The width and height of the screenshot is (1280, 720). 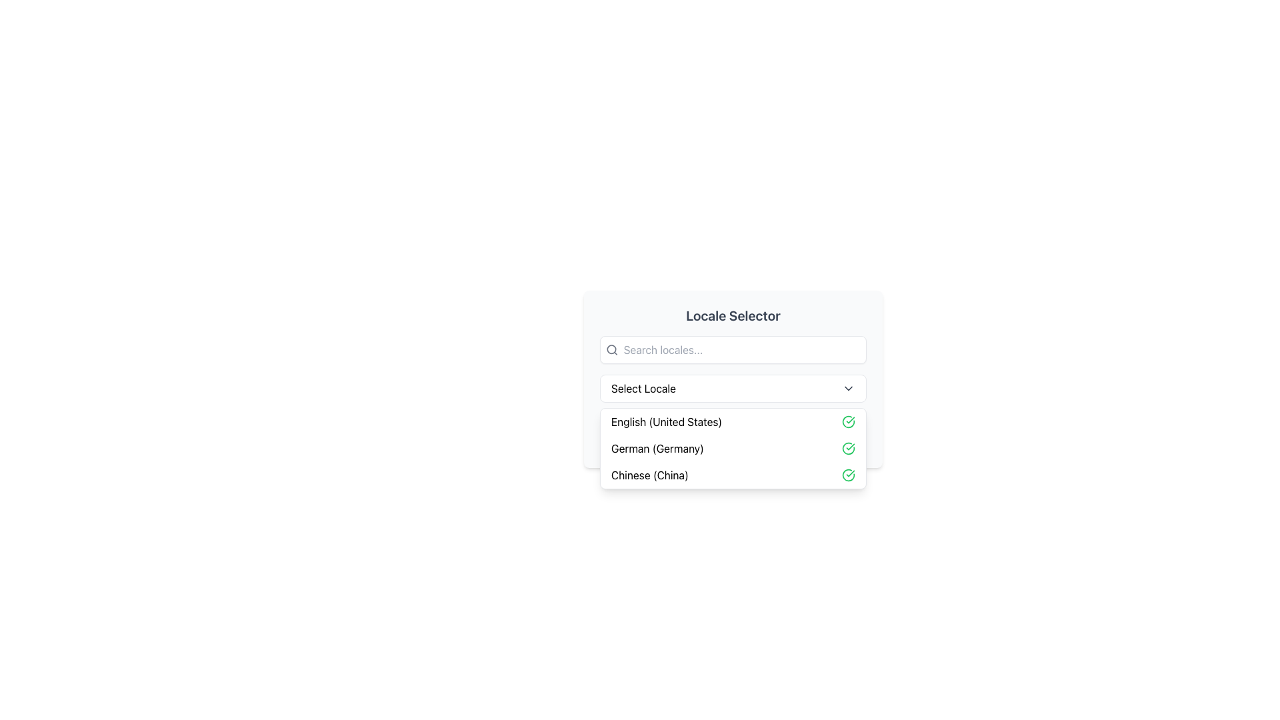 What do you see at coordinates (732, 475) in the screenshot?
I see `the selectable list item labeled 'Chinese (China)'` at bounding box center [732, 475].